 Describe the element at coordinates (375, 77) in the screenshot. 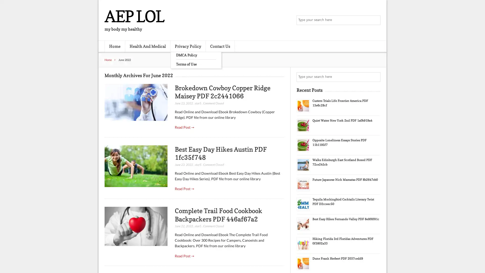

I see `Search` at that location.